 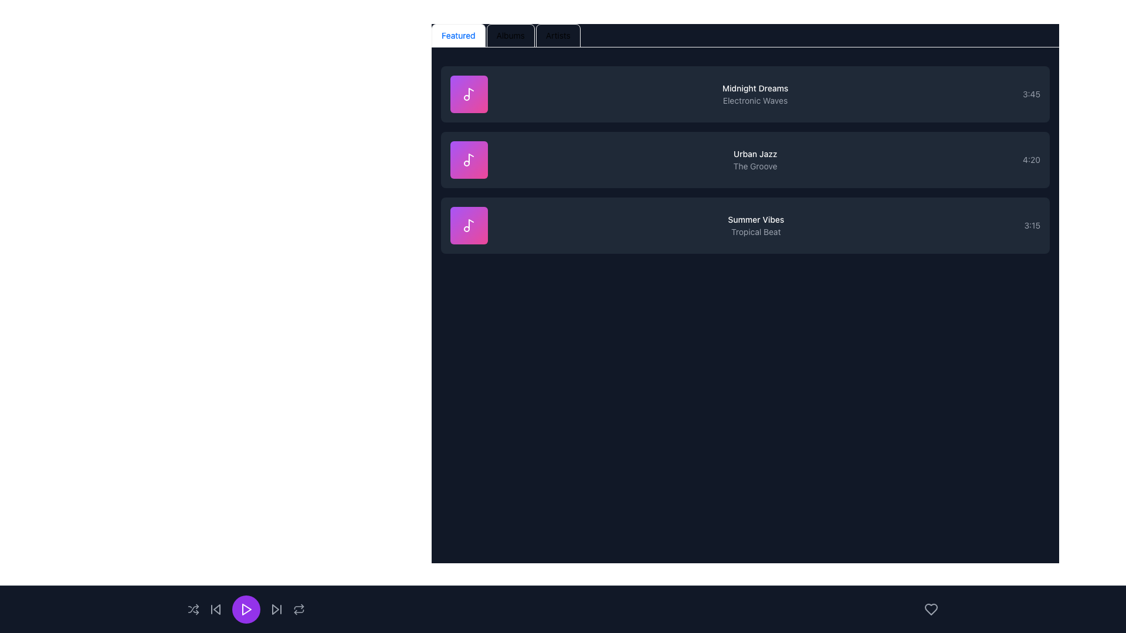 I want to click on the static text label displaying 'Summer Vibes', which is a medium-sized white font in a modern style, positioned above 'Tropical Beat' in the playlist listing, so click(x=756, y=219).